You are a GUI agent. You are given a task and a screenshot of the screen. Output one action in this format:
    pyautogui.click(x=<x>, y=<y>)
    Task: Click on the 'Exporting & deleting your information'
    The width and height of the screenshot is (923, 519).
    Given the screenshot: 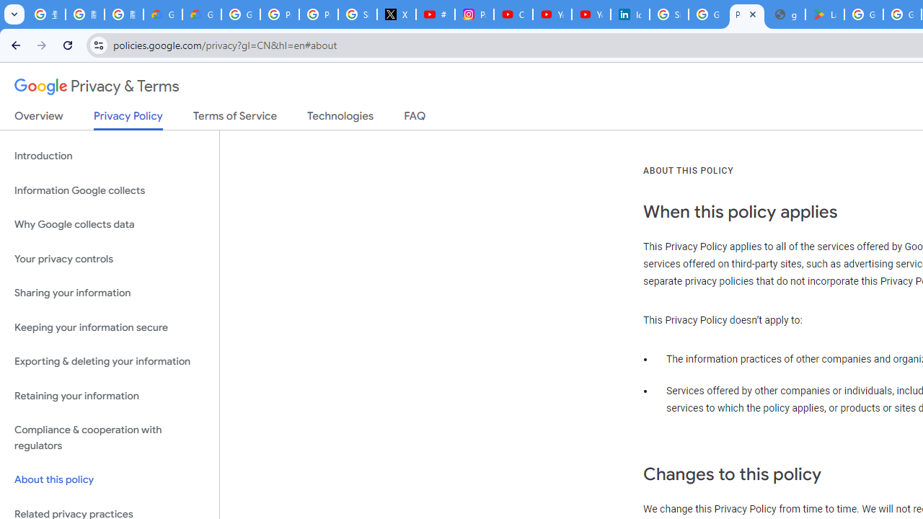 What is the action you would take?
    pyautogui.click(x=109, y=361)
    